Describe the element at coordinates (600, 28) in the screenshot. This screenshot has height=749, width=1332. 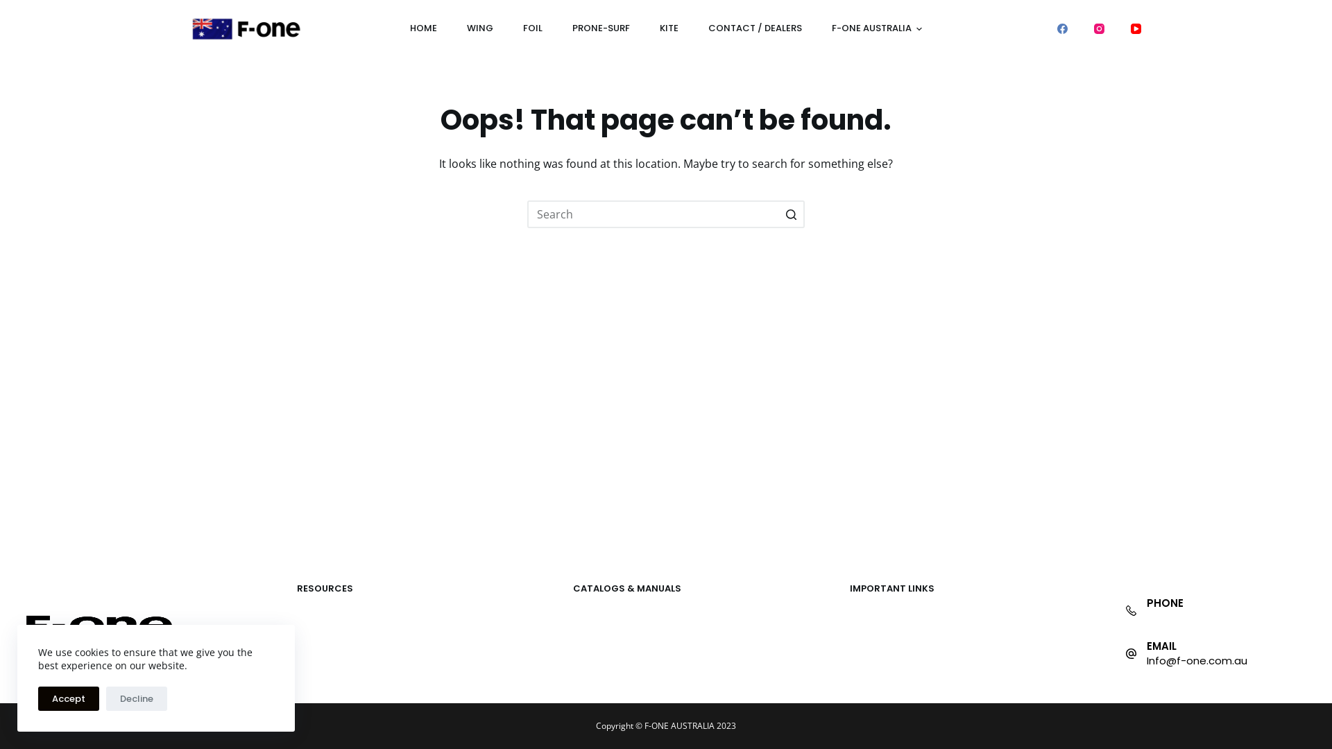
I see `'PRONE-SURF'` at that location.